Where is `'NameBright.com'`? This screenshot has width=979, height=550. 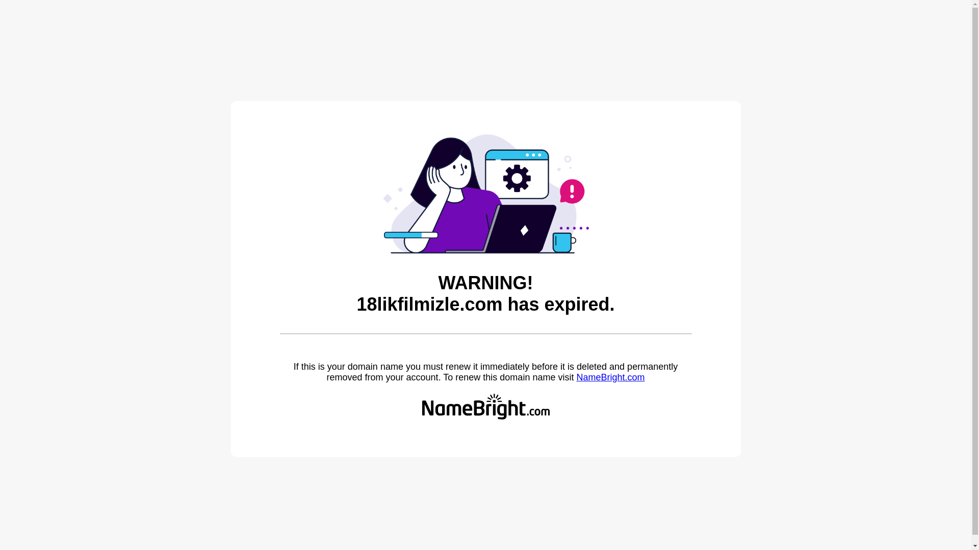
'NameBright.com' is located at coordinates (610, 377).